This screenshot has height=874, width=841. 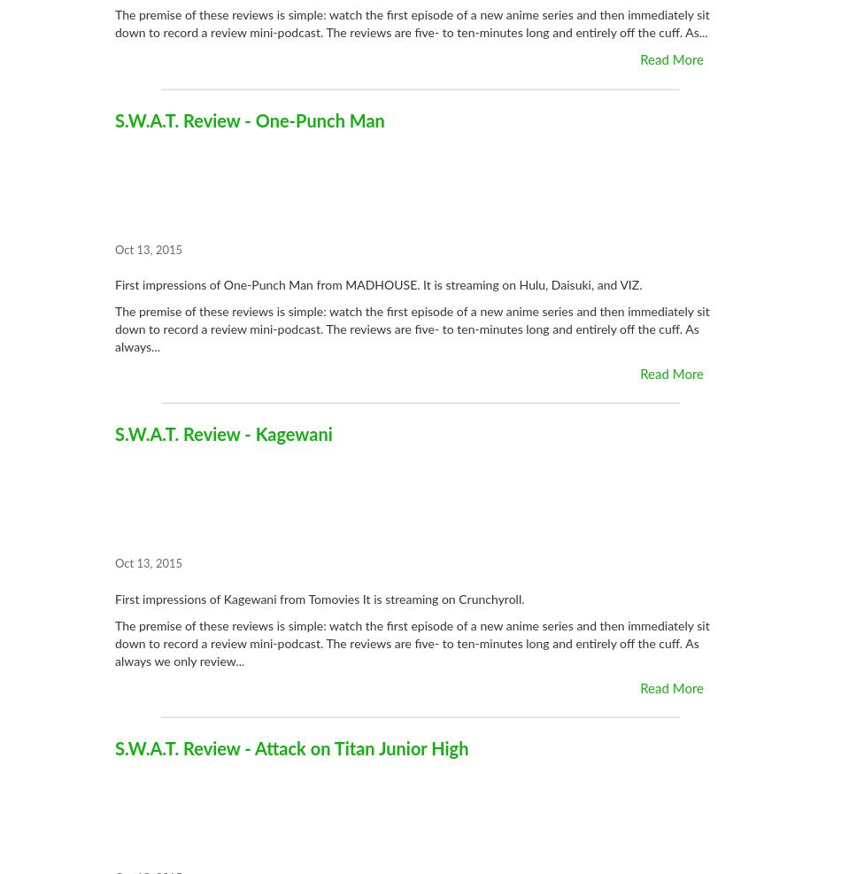 What do you see at coordinates (377, 283) in the screenshot?
I see `'First impressions of One-Punch Man from MADHOUSE. It is
streaming on Hulu, Daisuki, and VIZ.'` at bounding box center [377, 283].